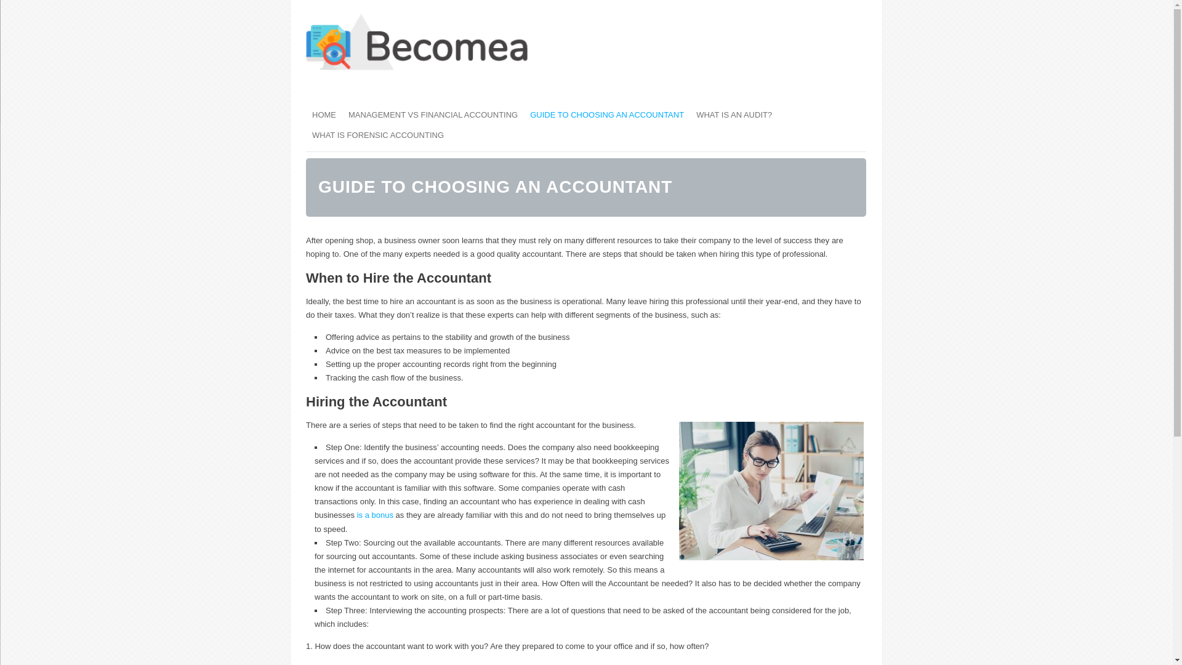  I want to click on 'WHAT IS FORENSIC ACCOUNTING', so click(306, 135).